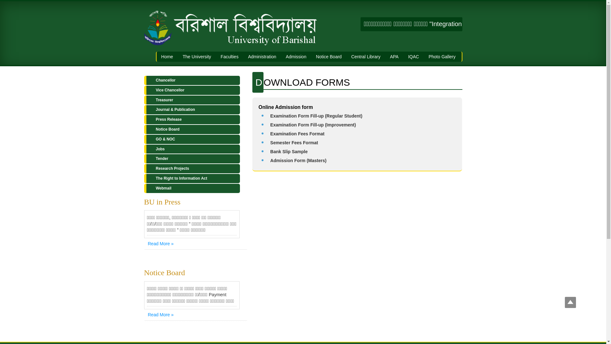 The height and width of the screenshot is (344, 611). Describe the element at coordinates (297, 133) in the screenshot. I see `'Examination Fees Format'` at that location.